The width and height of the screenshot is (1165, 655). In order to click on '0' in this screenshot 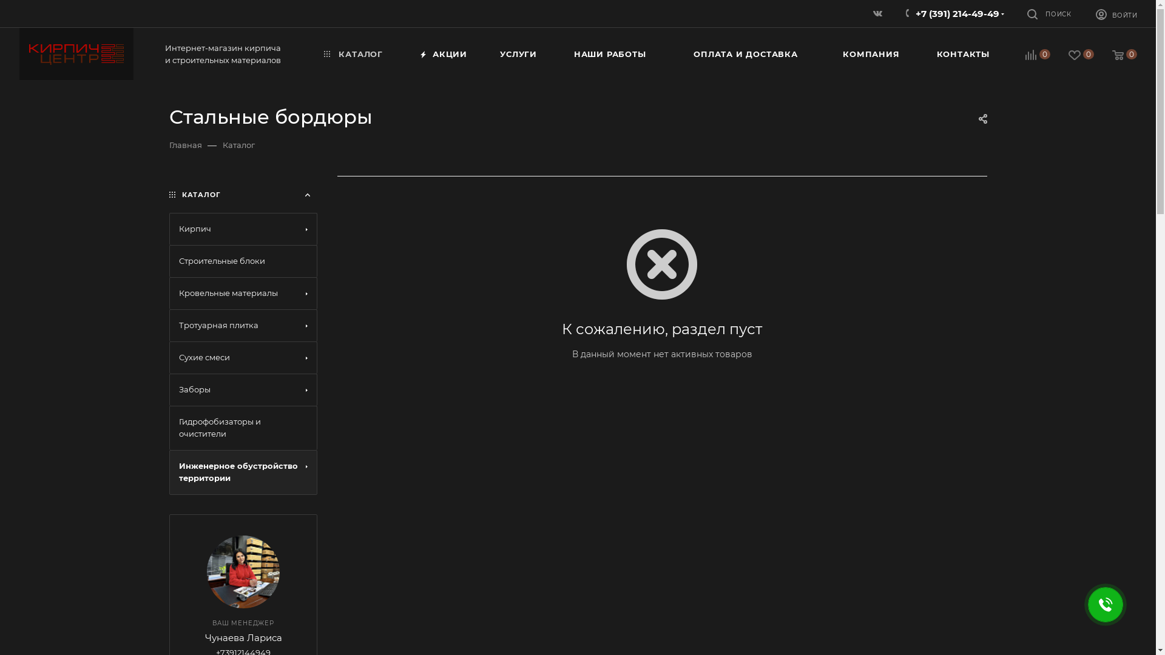, I will do `click(1028, 56)`.